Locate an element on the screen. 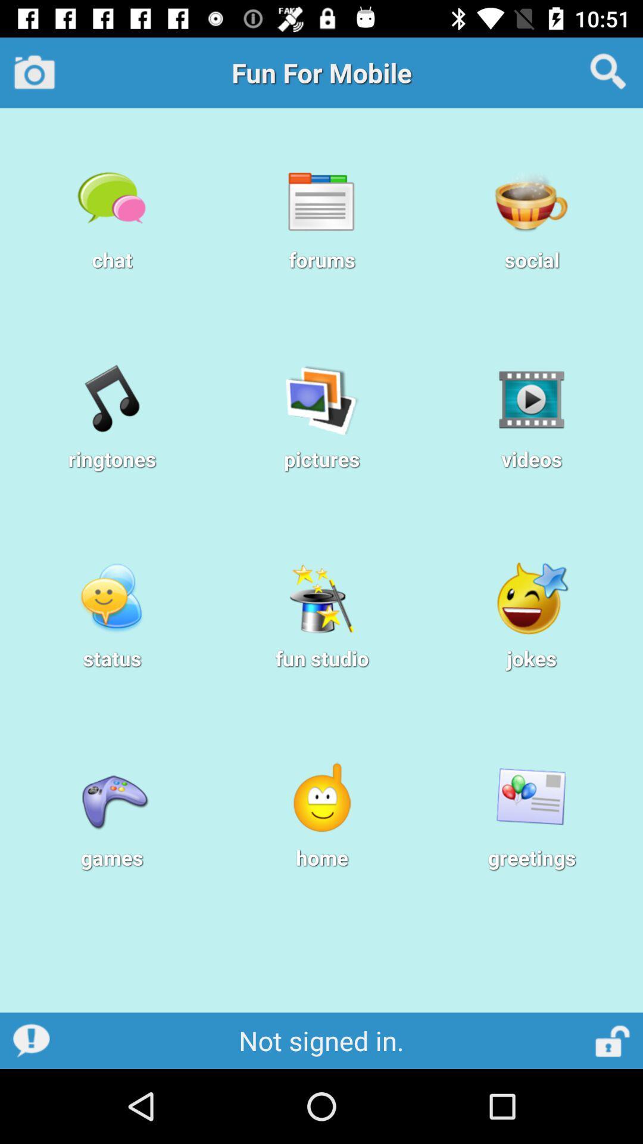 The height and width of the screenshot is (1144, 643). lock screen is located at coordinates (613, 1040).